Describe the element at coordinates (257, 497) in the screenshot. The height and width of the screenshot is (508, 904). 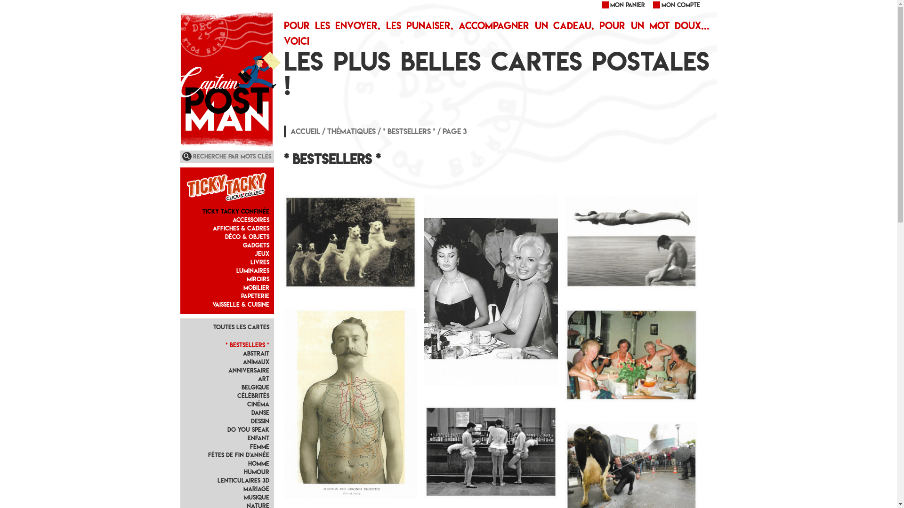
I see `'Musique'` at that location.